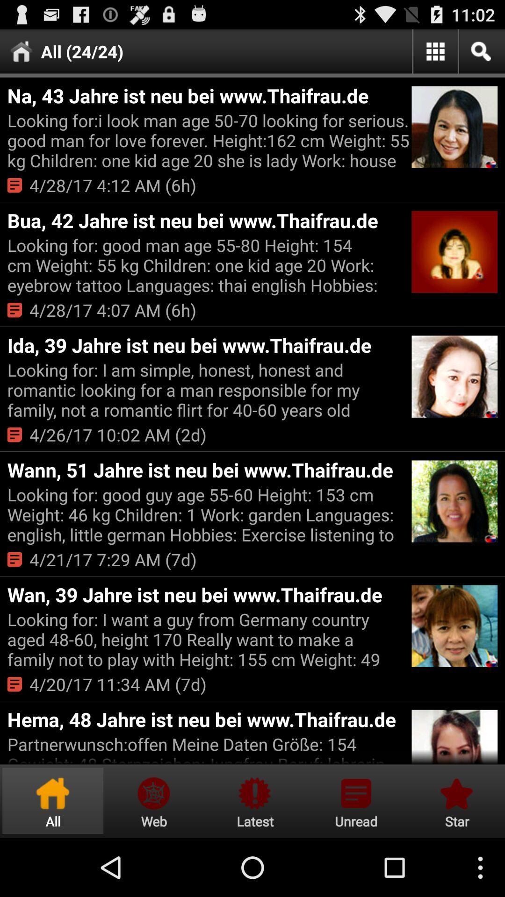 Image resolution: width=505 pixels, height=897 pixels. Describe the element at coordinates (255, 800) in the screenshot. I see `notification` at that location.